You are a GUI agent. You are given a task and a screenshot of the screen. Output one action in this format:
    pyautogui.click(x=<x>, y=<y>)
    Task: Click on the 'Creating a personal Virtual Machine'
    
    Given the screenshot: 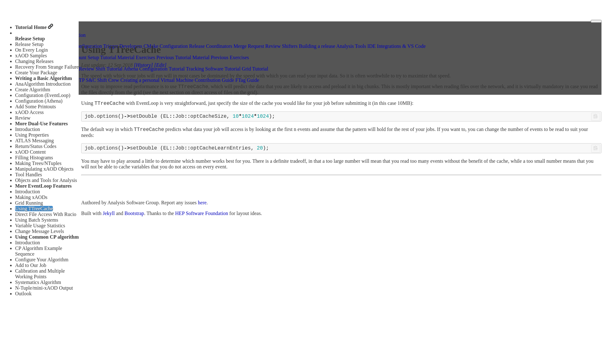 What is the action you would take?
    pyautogui.click(x=157, y=80)
    